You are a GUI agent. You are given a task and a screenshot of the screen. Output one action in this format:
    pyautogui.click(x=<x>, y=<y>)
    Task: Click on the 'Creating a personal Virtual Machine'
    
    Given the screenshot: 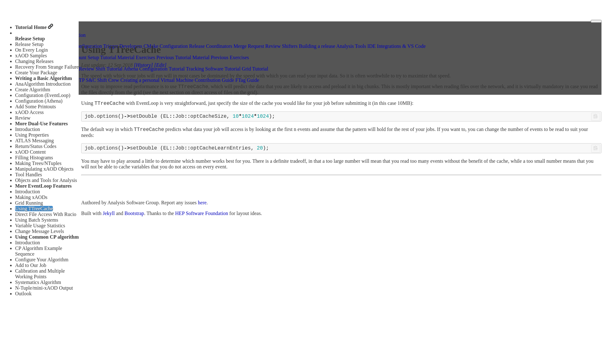 What is the action you would take?
    pyautogui.click(x=157, y=80)
    